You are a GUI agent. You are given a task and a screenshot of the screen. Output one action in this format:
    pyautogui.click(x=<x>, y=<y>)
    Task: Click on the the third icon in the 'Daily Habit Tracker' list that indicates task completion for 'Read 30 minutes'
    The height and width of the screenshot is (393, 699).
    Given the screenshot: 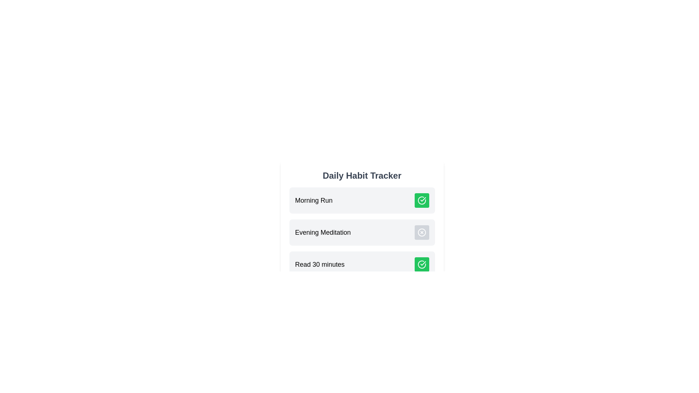 What is the action you would take?
    pyautogui.click(x=422, y=201)
    